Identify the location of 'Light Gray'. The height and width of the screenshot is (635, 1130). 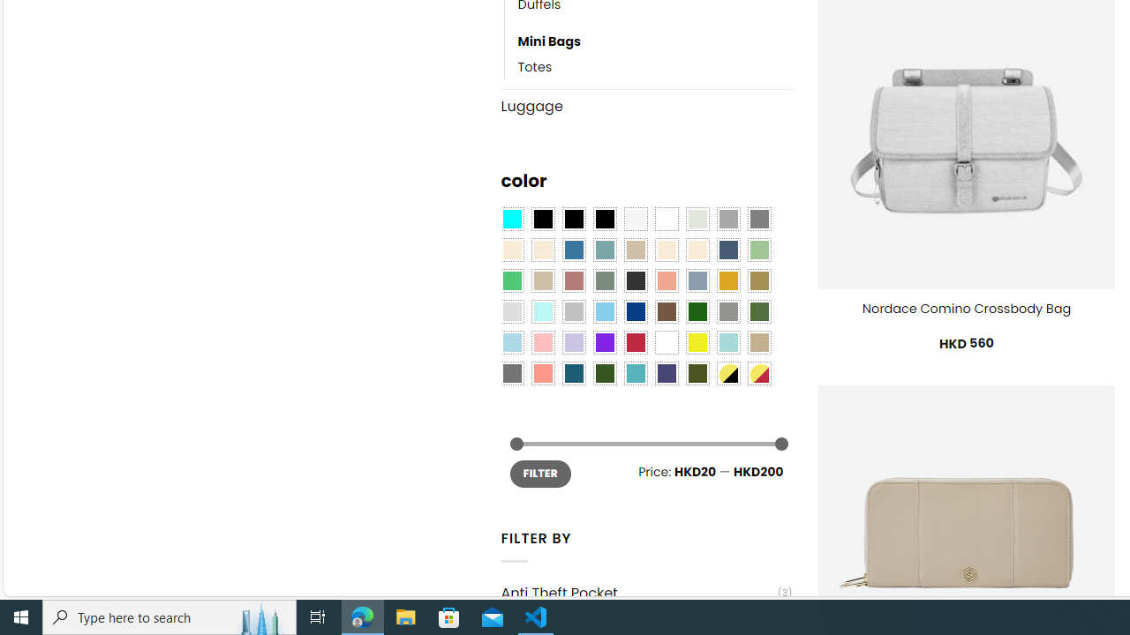
(510, 311).